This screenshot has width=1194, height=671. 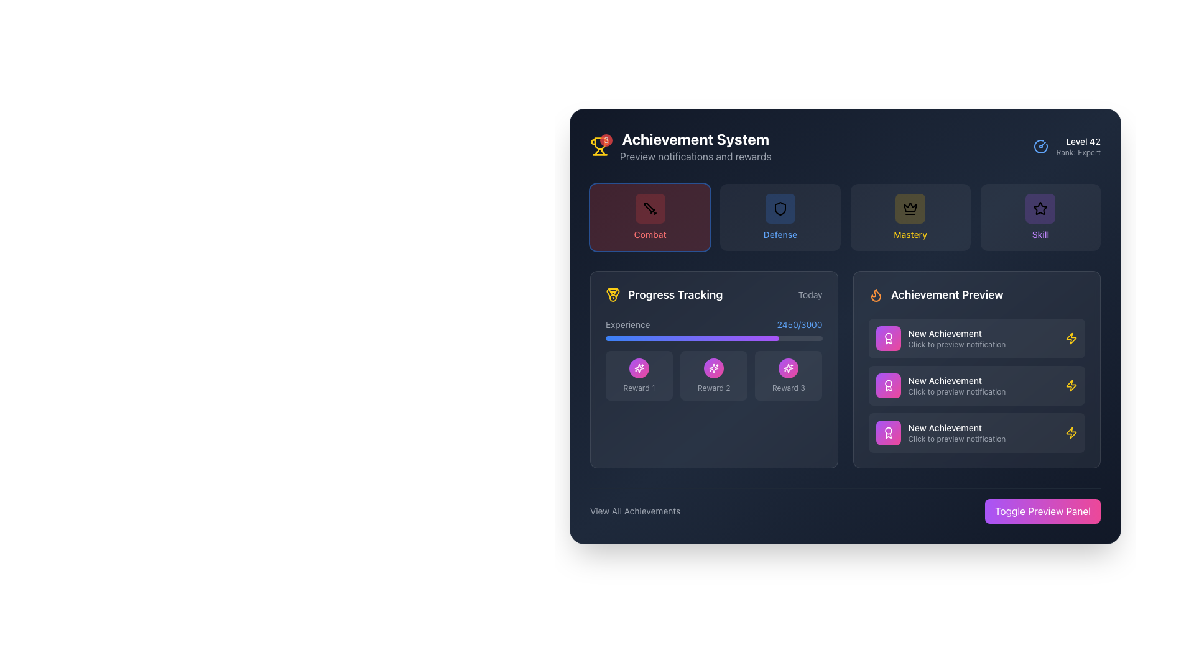 I want to click on the progress, so click(x=785, y=338).